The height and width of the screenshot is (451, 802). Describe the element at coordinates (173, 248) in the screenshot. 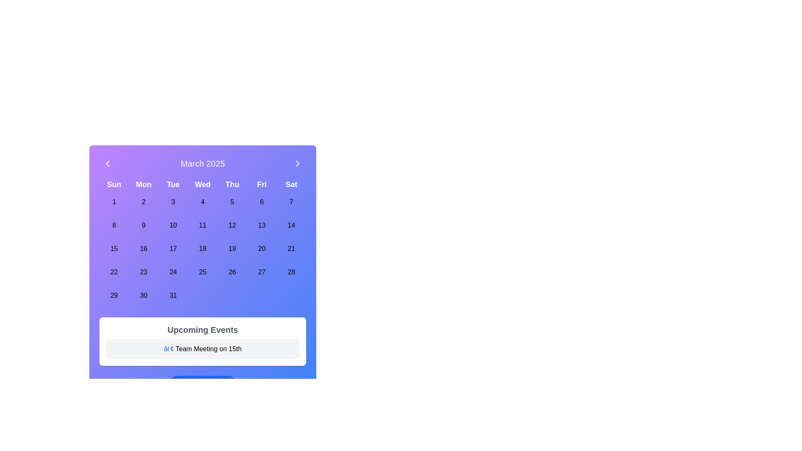

I see `the circular calendar date button displaying '17' in bold black font` at that location.